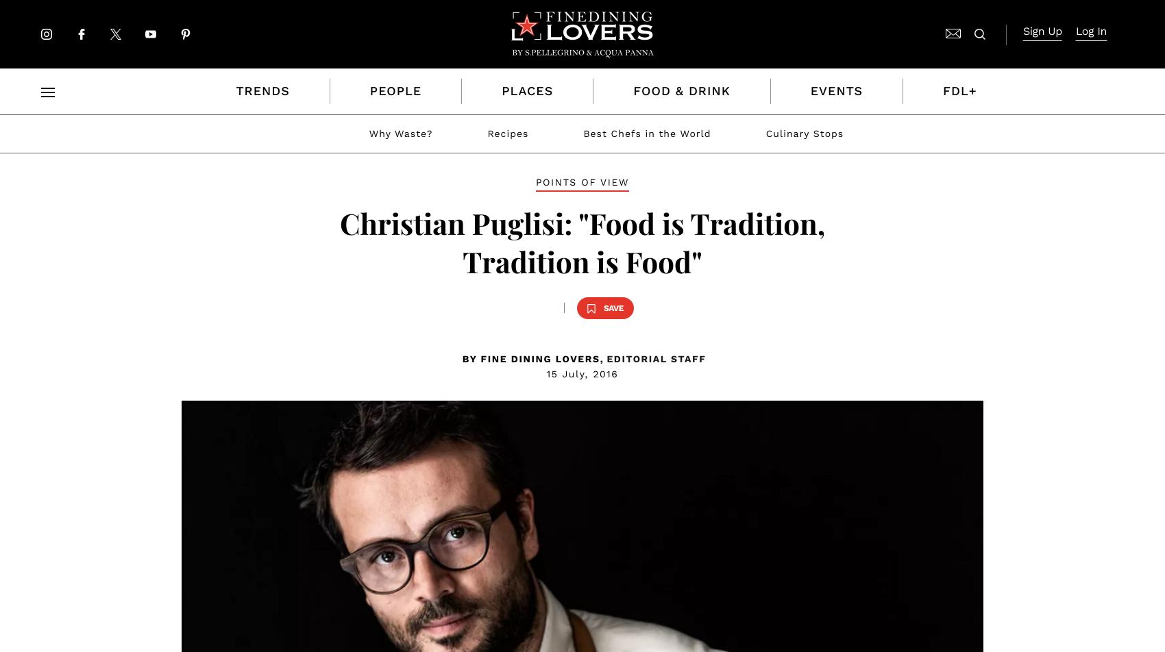 Image resolution: width=1165 pixels, height=652 pixels. I want to click on 'Log In', so click(1075, 31).